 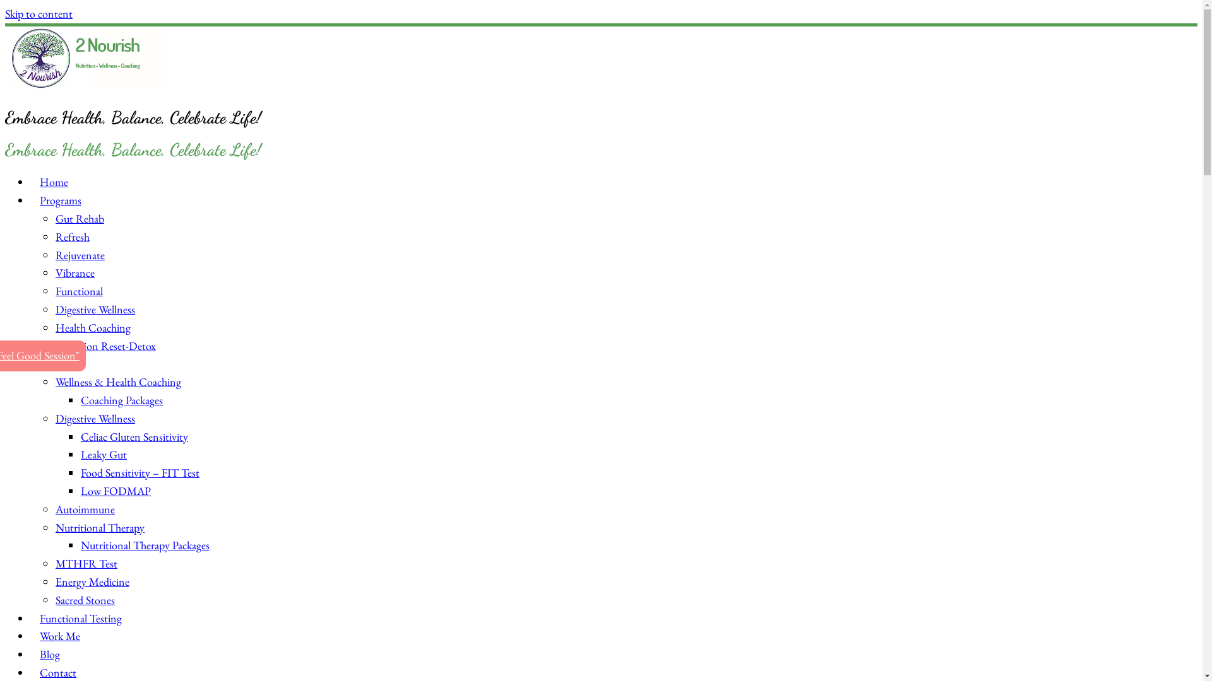 What do you see at coordinates (134, 436) in the screenshot?
I see `'Celiac Gluten Sensitivity'` at bounding box center [134, 436].